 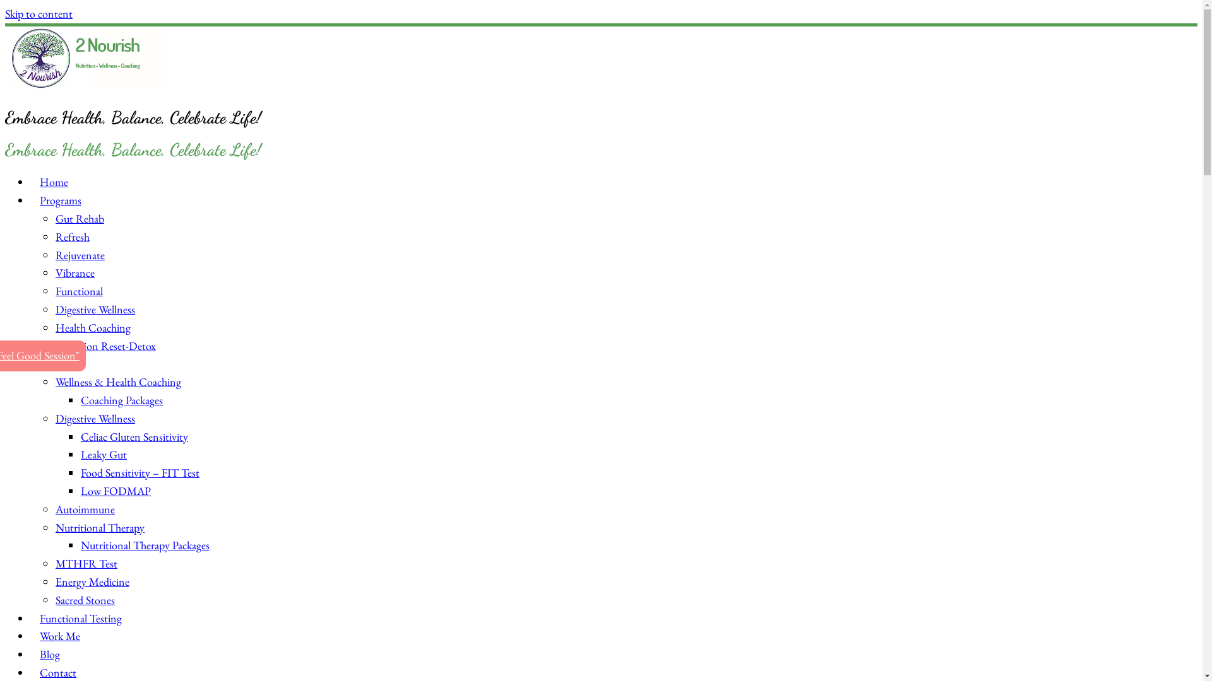 What do you see at coordinates (134, 436) in the screenshot?
I see `'Celiac Gluten Sensitivity'` at bounding box center [134, 436].